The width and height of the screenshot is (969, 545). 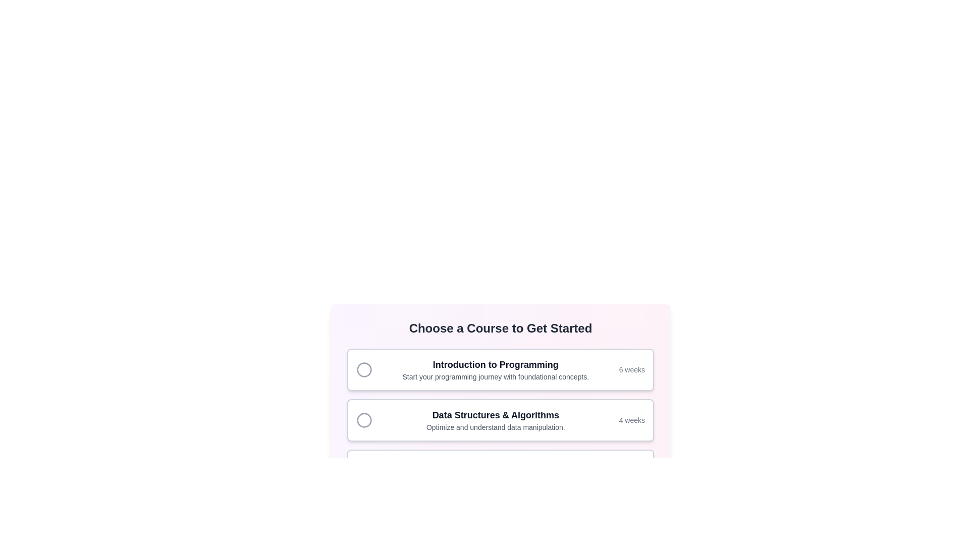 I want to click on text content of the Header that displays 'Choose a Course to Get Started', which is a bold and centered heading in a large font size and dark gray color, positioned above the course options, so click(x=501, y=329).